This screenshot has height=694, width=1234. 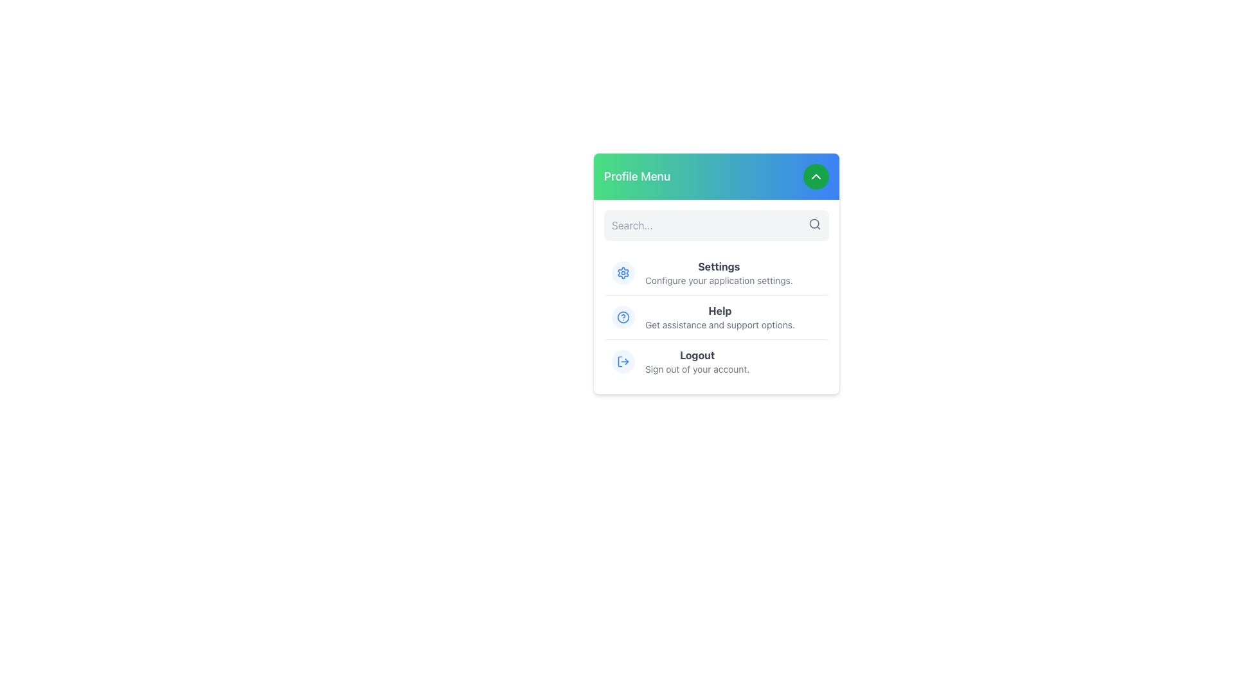 I want to click on the visual design of the 'Settings' icon, which is the first item in the vertical profile menu list, located to the left of the 'Settings' text, so click(x=623, y=272).